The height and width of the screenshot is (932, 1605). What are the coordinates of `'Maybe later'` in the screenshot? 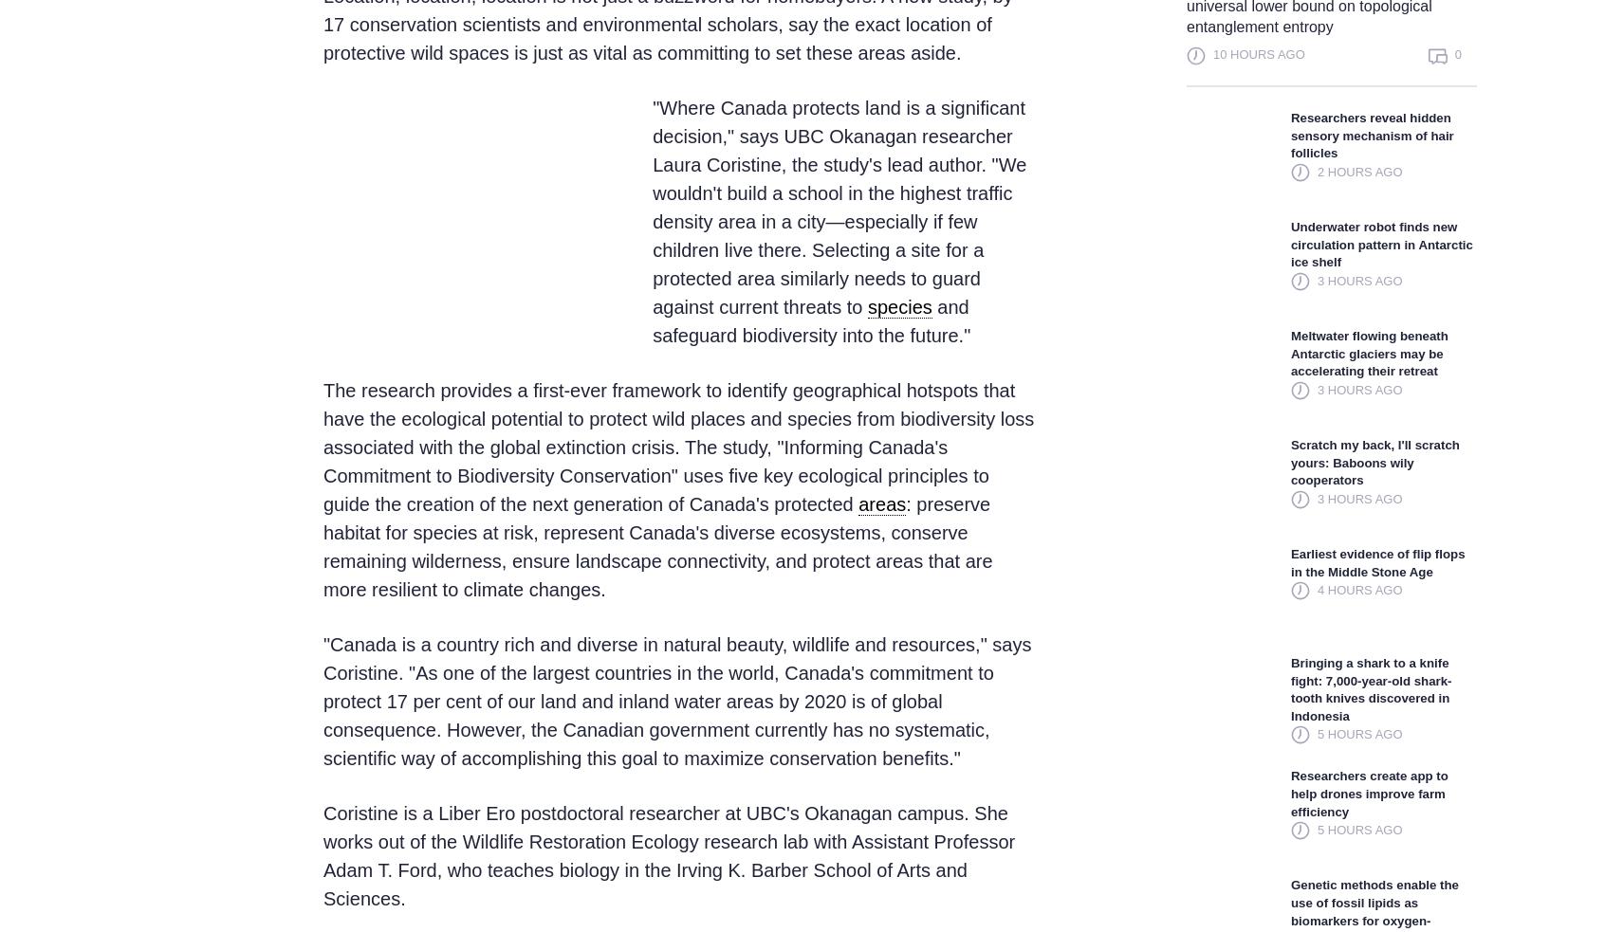 It's located at (991, 847).